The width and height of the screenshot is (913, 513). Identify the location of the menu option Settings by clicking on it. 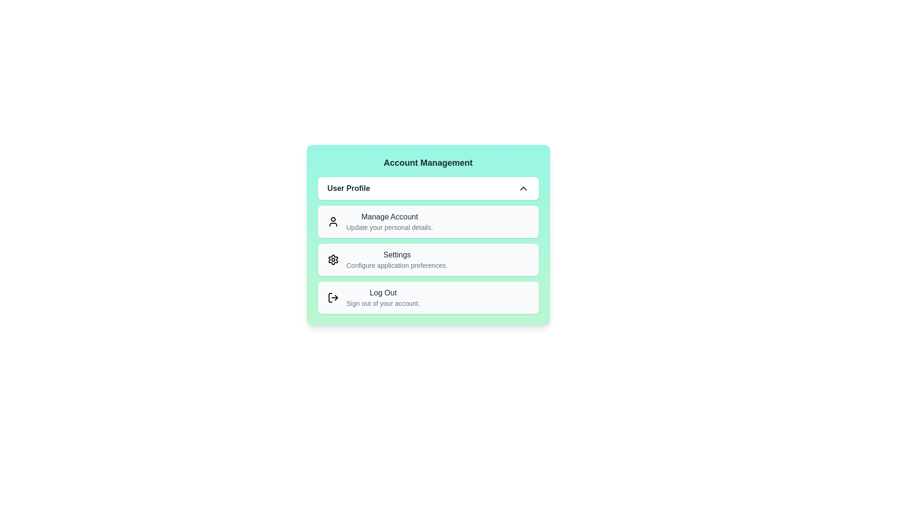
(427, 260).